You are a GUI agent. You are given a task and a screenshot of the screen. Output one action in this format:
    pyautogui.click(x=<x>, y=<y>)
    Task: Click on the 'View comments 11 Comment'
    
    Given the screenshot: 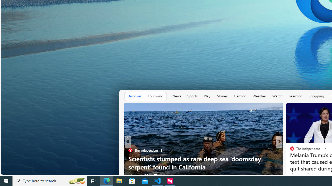 What is the action you would take?
    pyautogui.click(x=317, y=176)
    